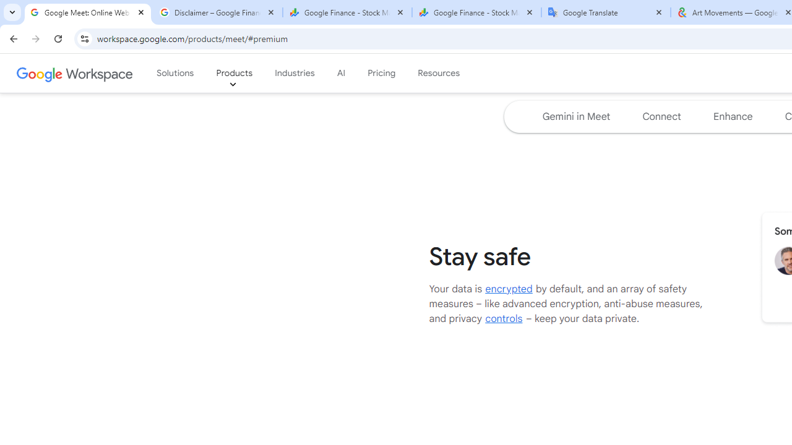 Image resolution: width=792 pixels, height=445 pixels. Describe the element at coordinates (341, 74) in the screenshot. I see `'AI'` at that location.